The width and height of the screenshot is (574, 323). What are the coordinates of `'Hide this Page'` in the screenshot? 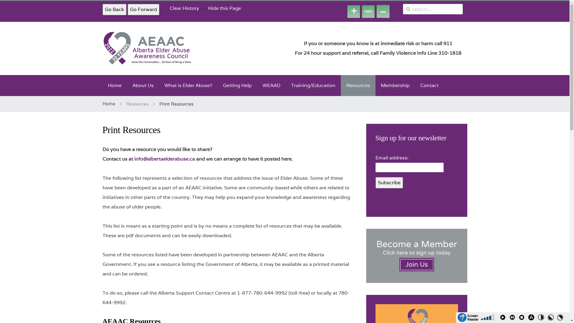 It's located at (224, 8).